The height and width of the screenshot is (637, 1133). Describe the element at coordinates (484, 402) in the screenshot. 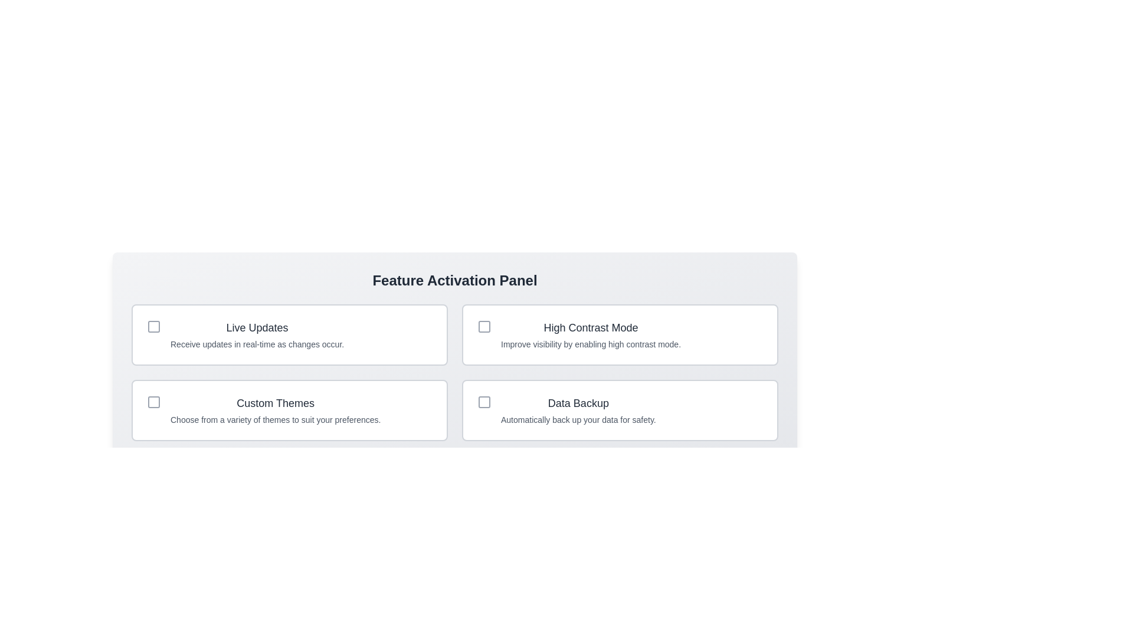

I see `the illustrative icon for the 'Data Backup' feature option, which is centered within the button in the bottom right quadrant of the feature panel` at that location.